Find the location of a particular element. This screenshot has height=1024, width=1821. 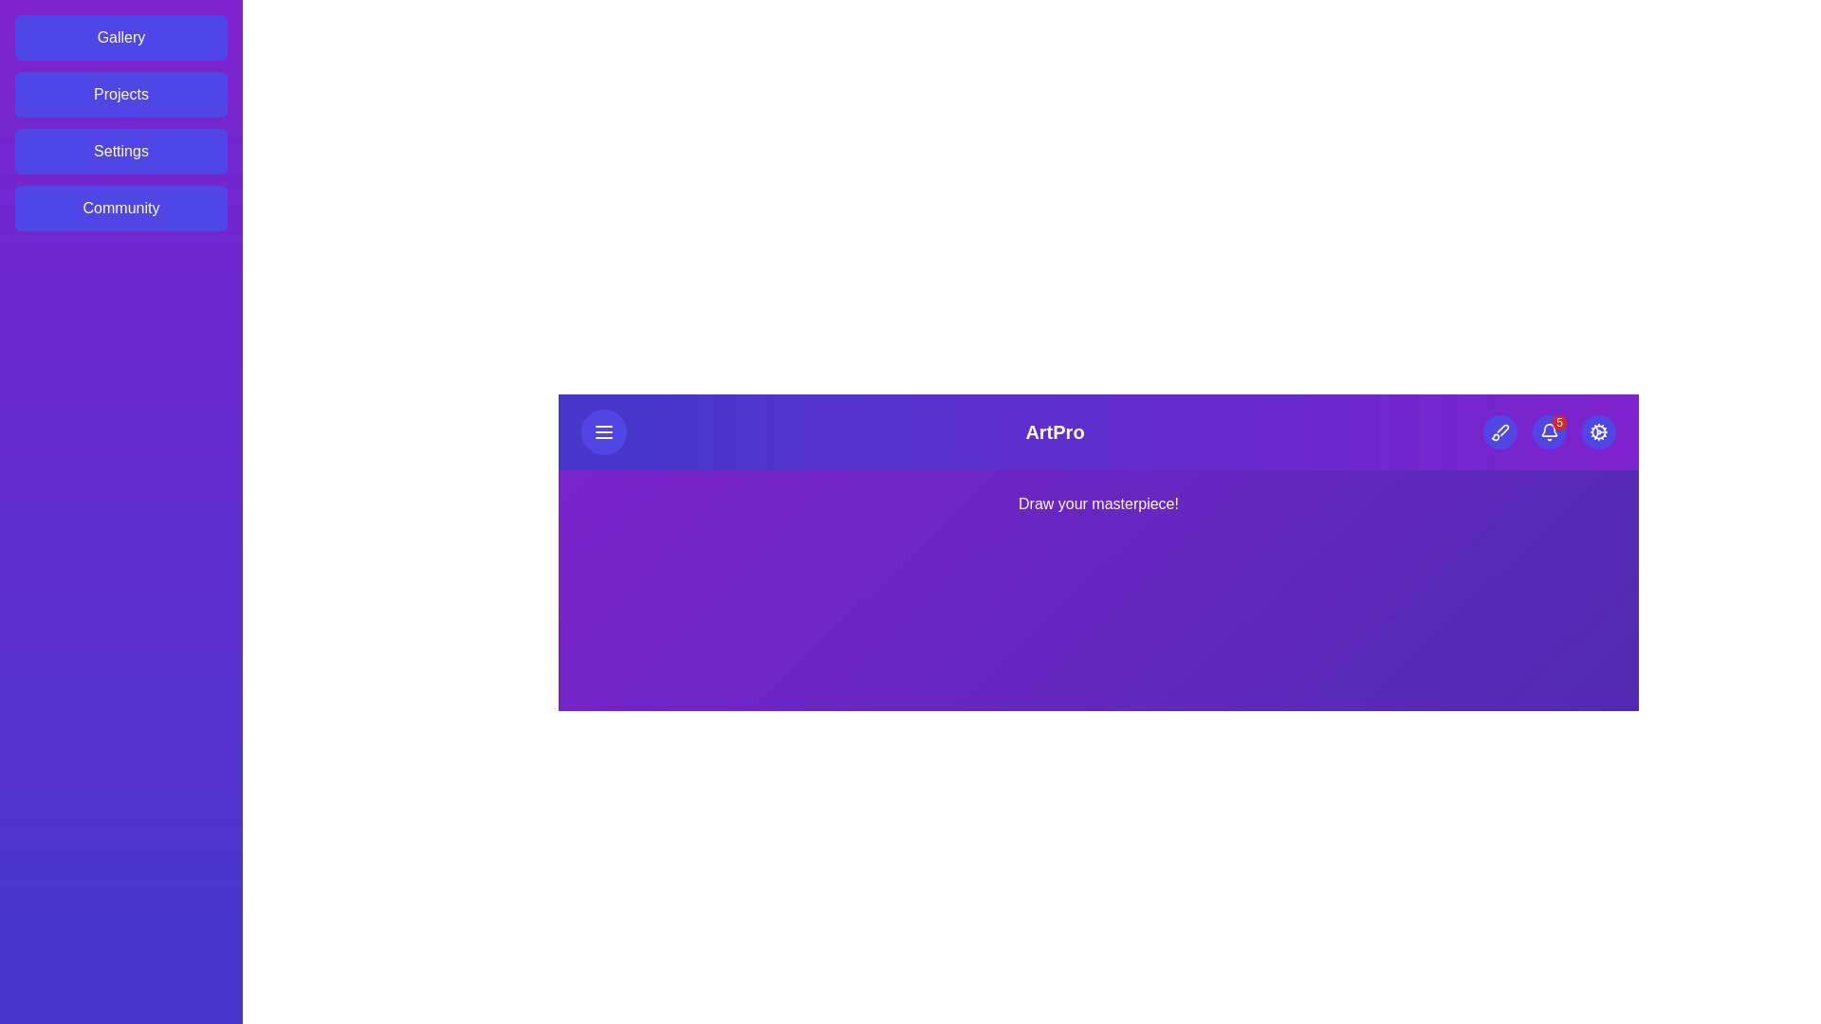

the toolbar button brush is located at coordinates (1498, 431).